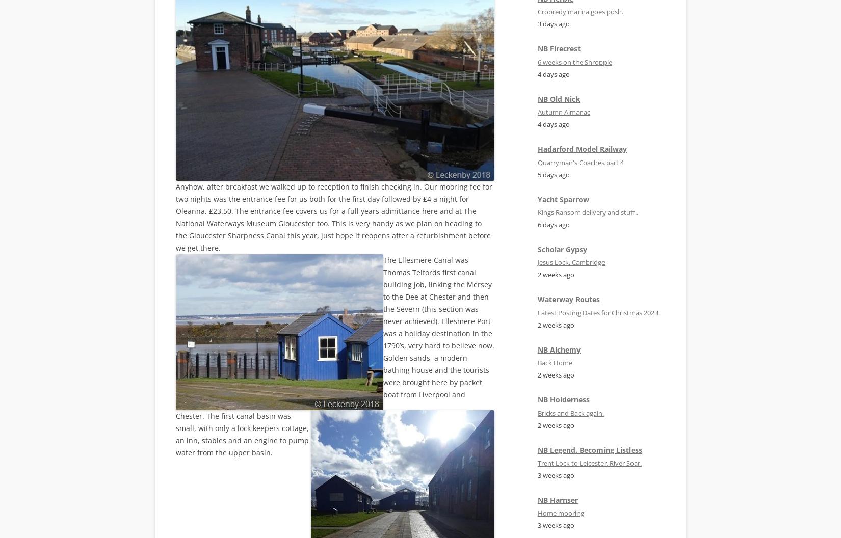  Describe the element at coordinates (588, 212) in the screenshot. I see `'Kings Ransom delivery and stuff..'` at that location.